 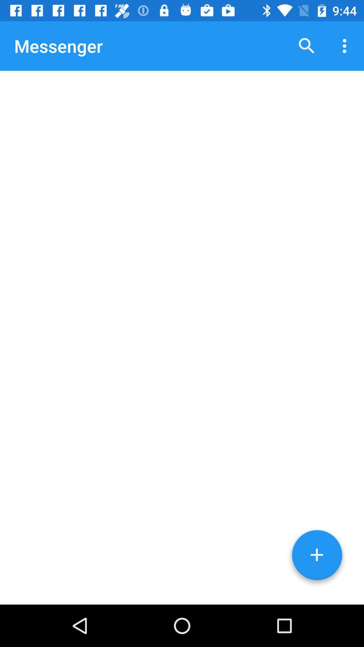 What do you see at coordinates (317, 557) in the screenshot?
I see `start new message` at bounding box center [317, 557].